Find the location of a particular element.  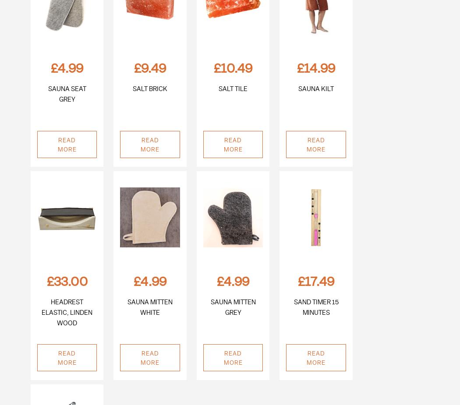

'£9.49' is located at coordinates (149, 67).